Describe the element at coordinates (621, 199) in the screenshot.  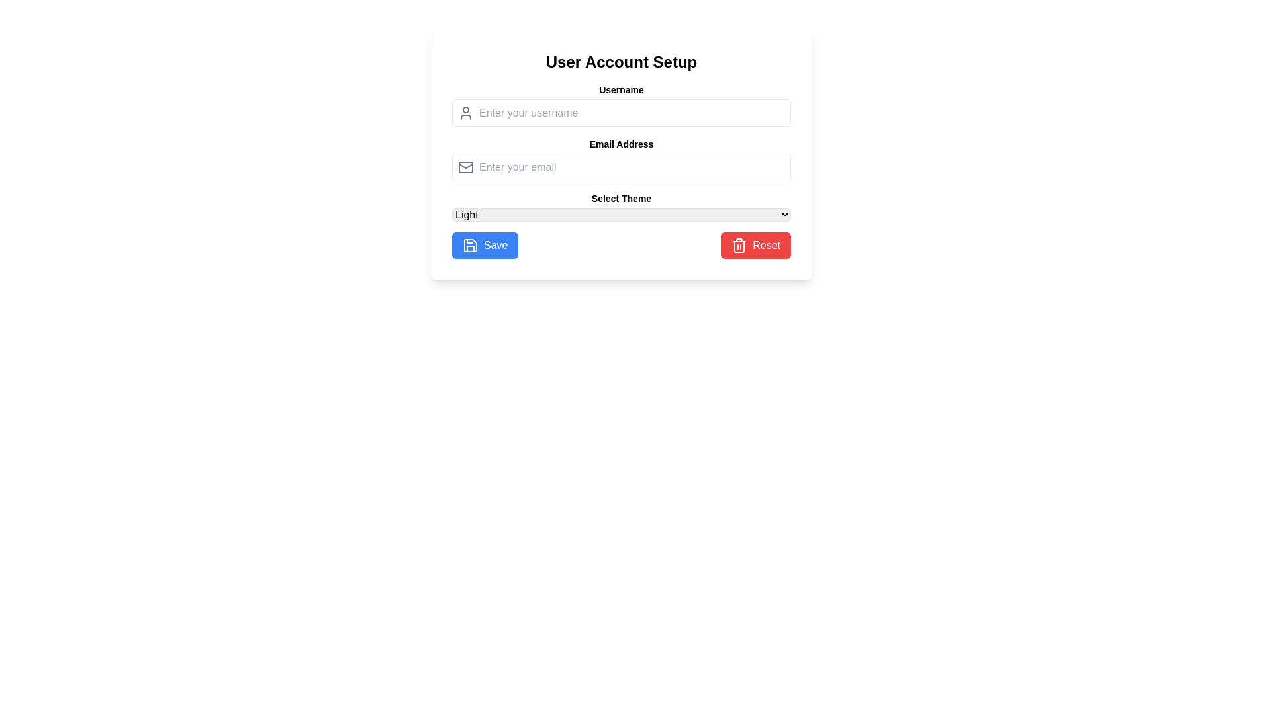
I see `the text label indicating the theme selection for the dropdown menu located near the top of the form` at that location.